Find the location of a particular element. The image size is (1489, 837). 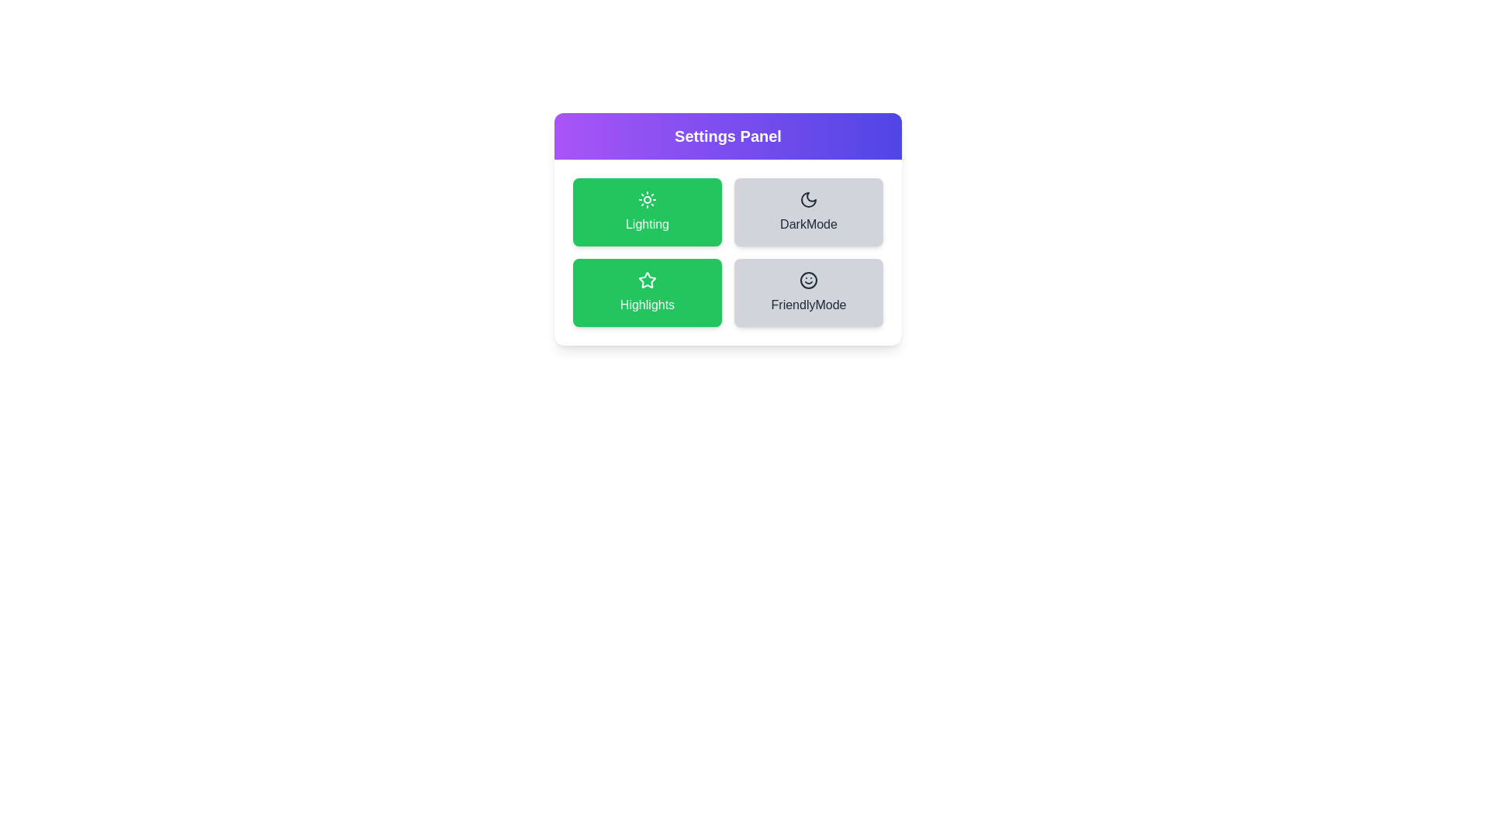

the setting Lighting to see the hover effect is located at coordinates (648, 212).